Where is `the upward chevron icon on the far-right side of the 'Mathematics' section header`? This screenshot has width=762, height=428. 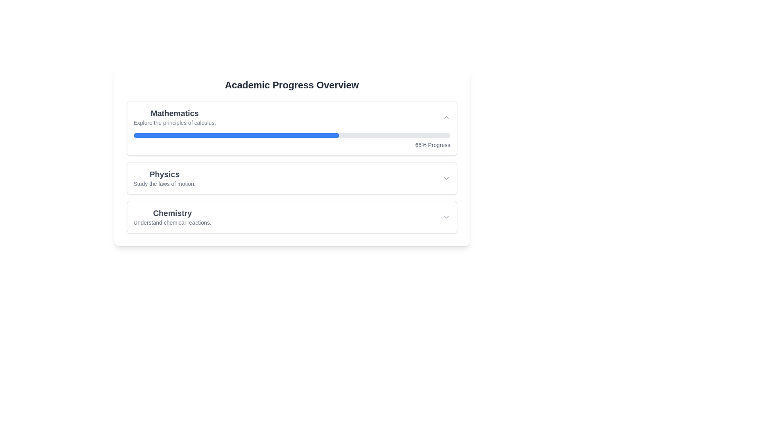
the upward chevron icon on the far-right side of the 'Mathematics' section header is located at coordinates (446, 117).